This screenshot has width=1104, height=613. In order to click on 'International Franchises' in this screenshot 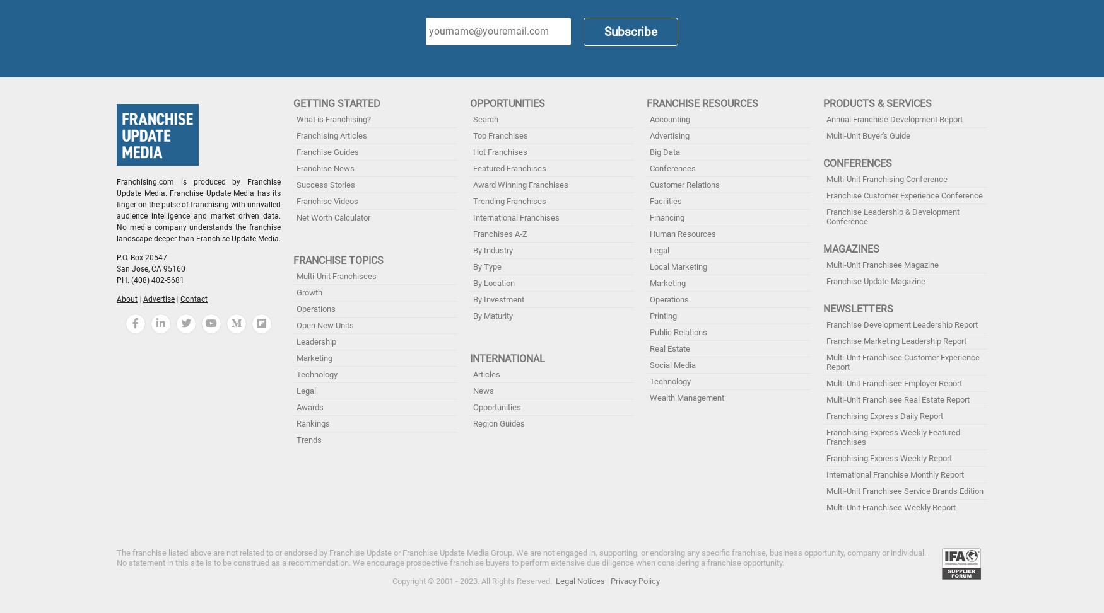, I will do `click(516, 217)`.